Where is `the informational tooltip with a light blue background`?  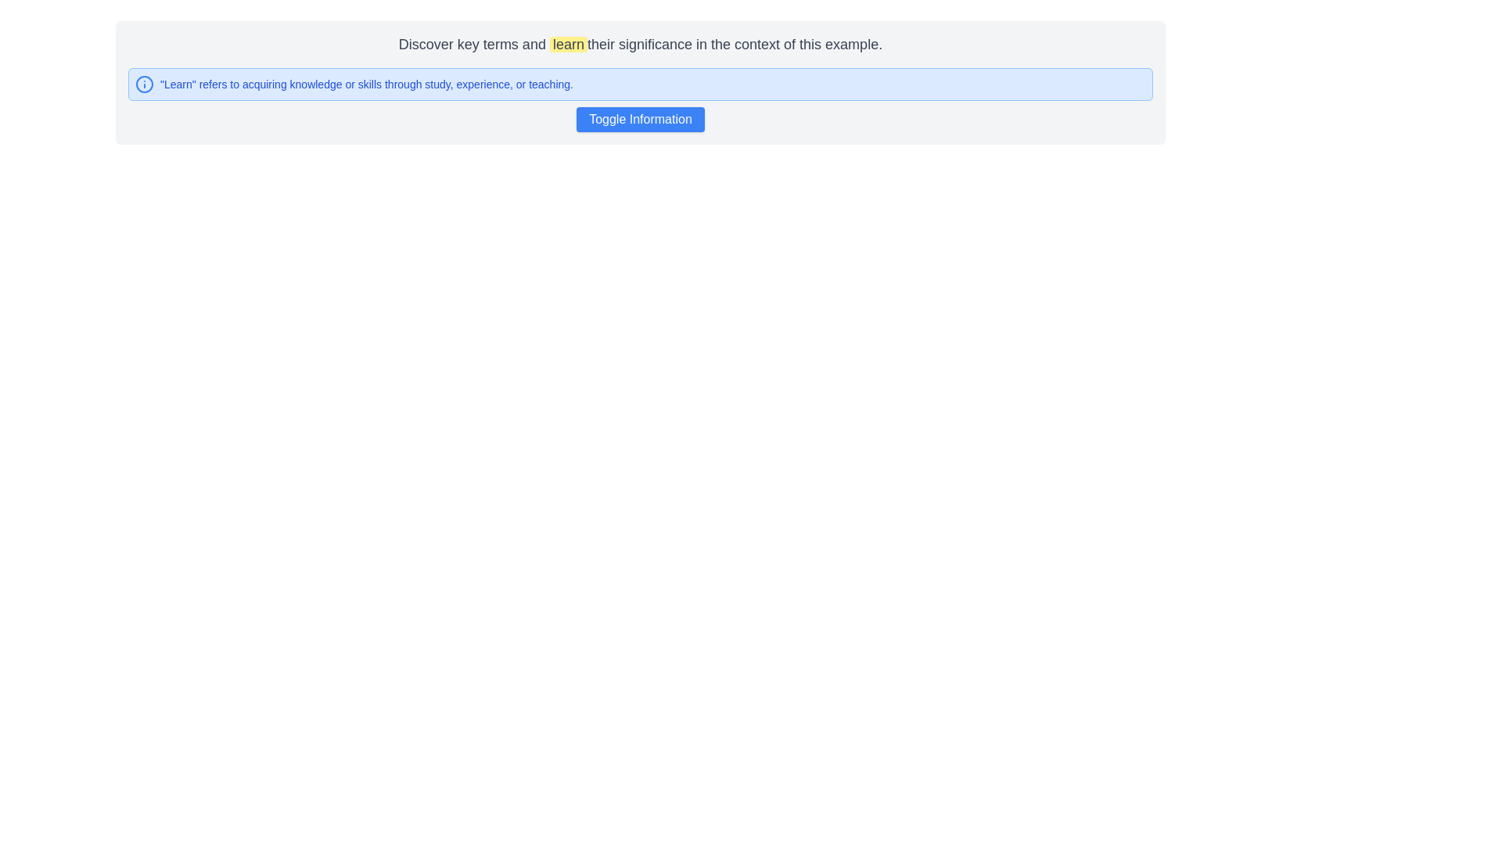
the informational tooltip with a light blue background is located at coordinates (641, 84).